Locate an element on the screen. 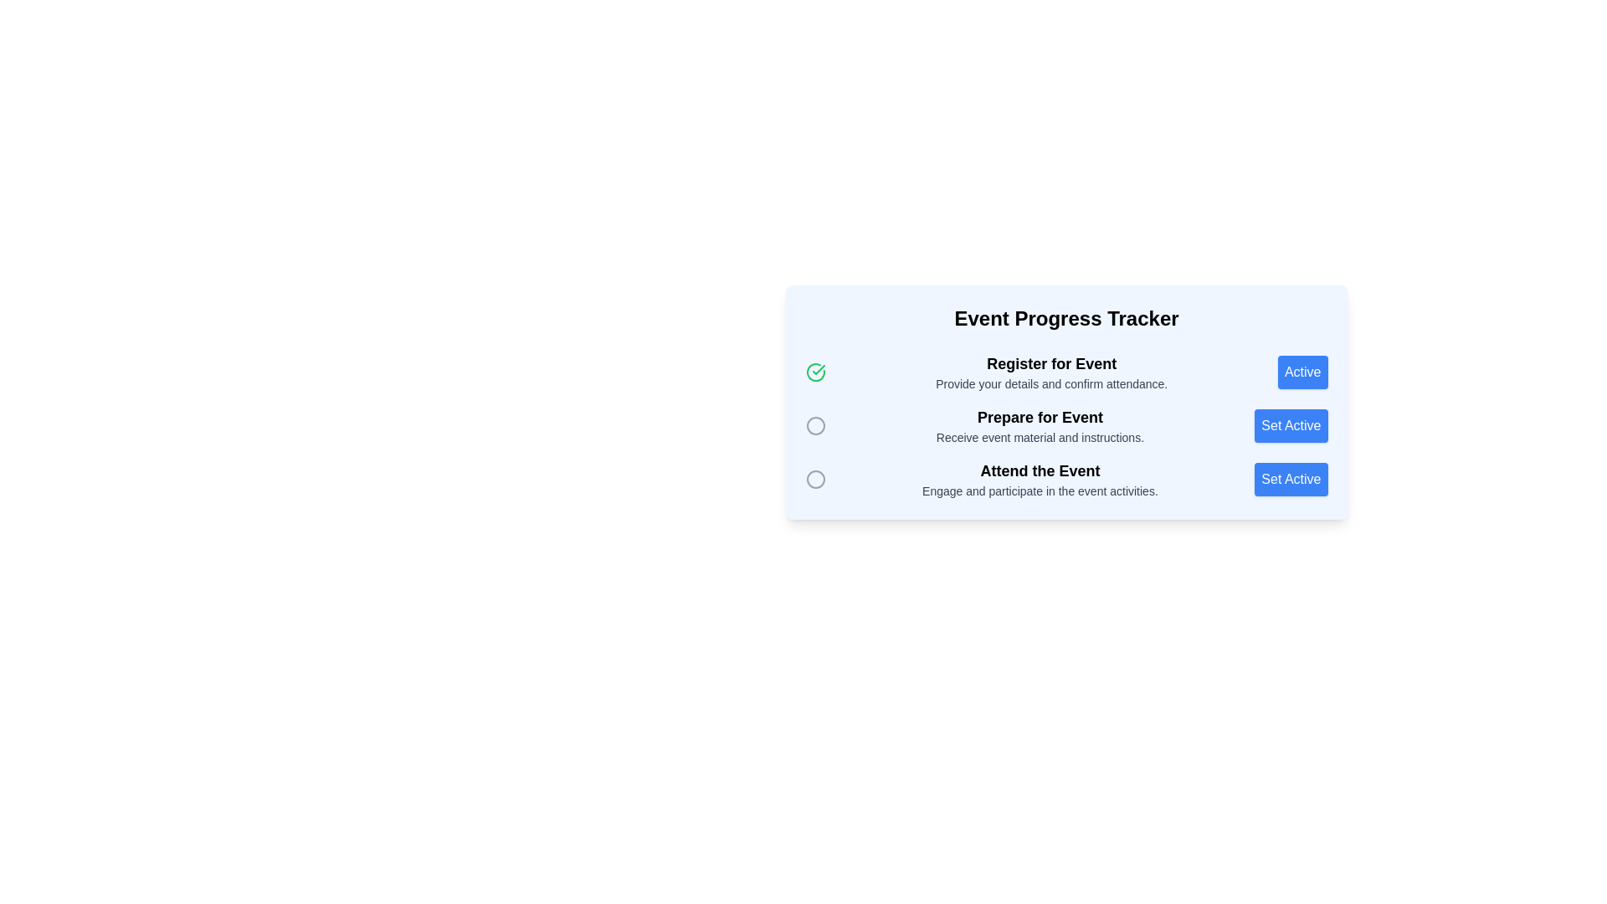  the textual description in the Progress tracker step with status indication is located at coordinates (1065, 371).